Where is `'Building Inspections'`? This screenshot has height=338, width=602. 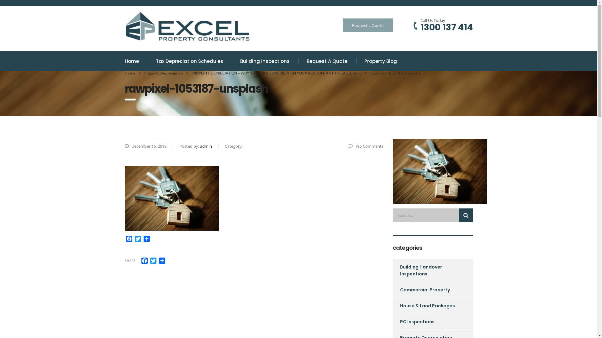
'Building Inspections' is located at coordinates (265, 61).